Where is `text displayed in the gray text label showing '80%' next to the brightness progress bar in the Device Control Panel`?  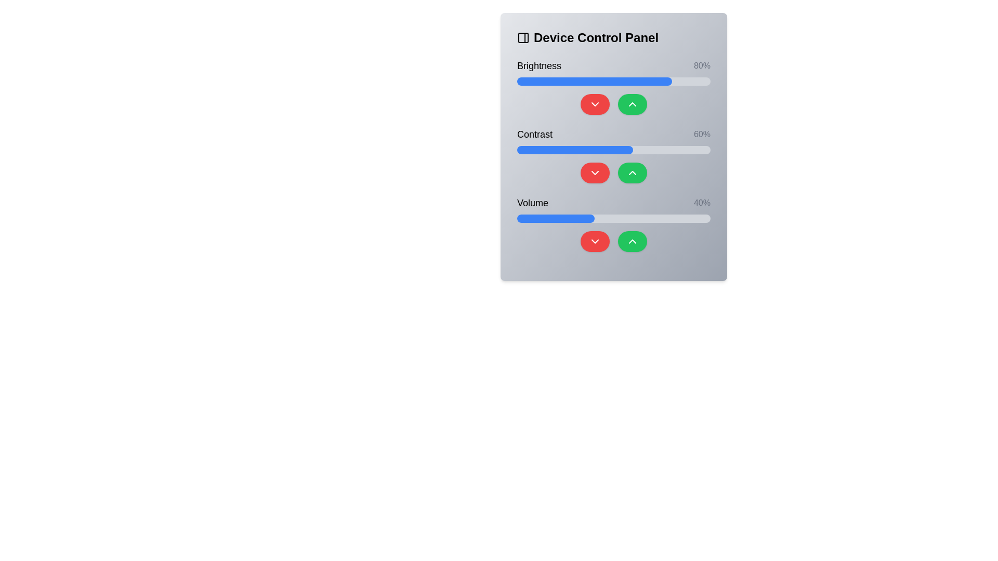 text displayed in the gray text label showing '80%' next to the brightness progress bar in the Device Control Panel is located at coordinates (702, 66).